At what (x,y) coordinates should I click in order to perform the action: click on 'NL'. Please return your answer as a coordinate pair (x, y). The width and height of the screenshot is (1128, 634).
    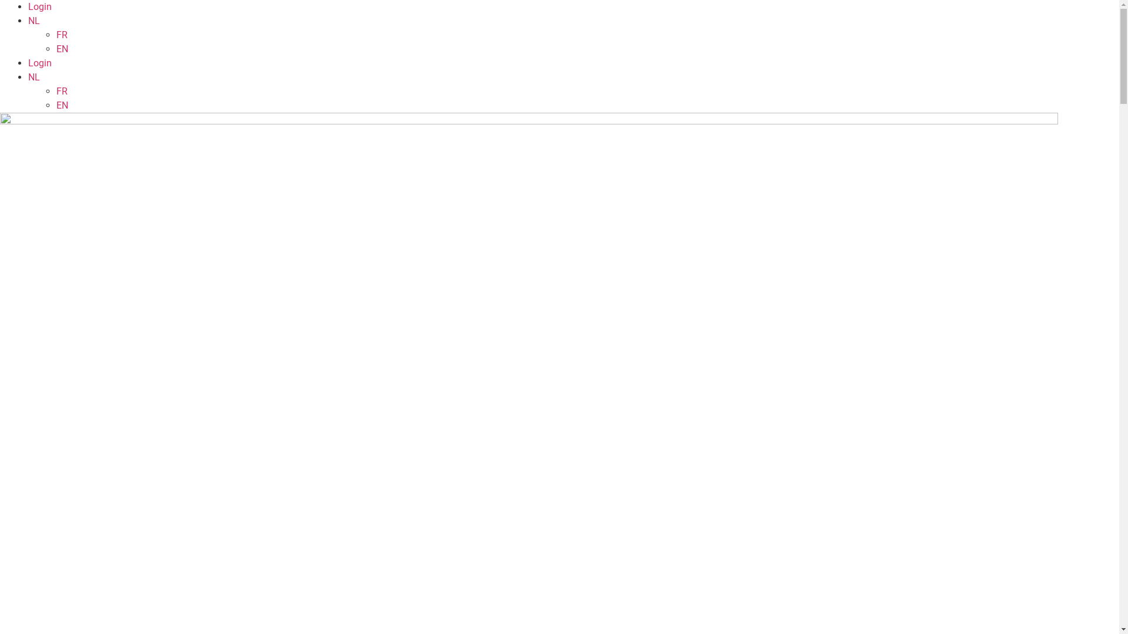
    Looking at the image, I should click on (33, 21).